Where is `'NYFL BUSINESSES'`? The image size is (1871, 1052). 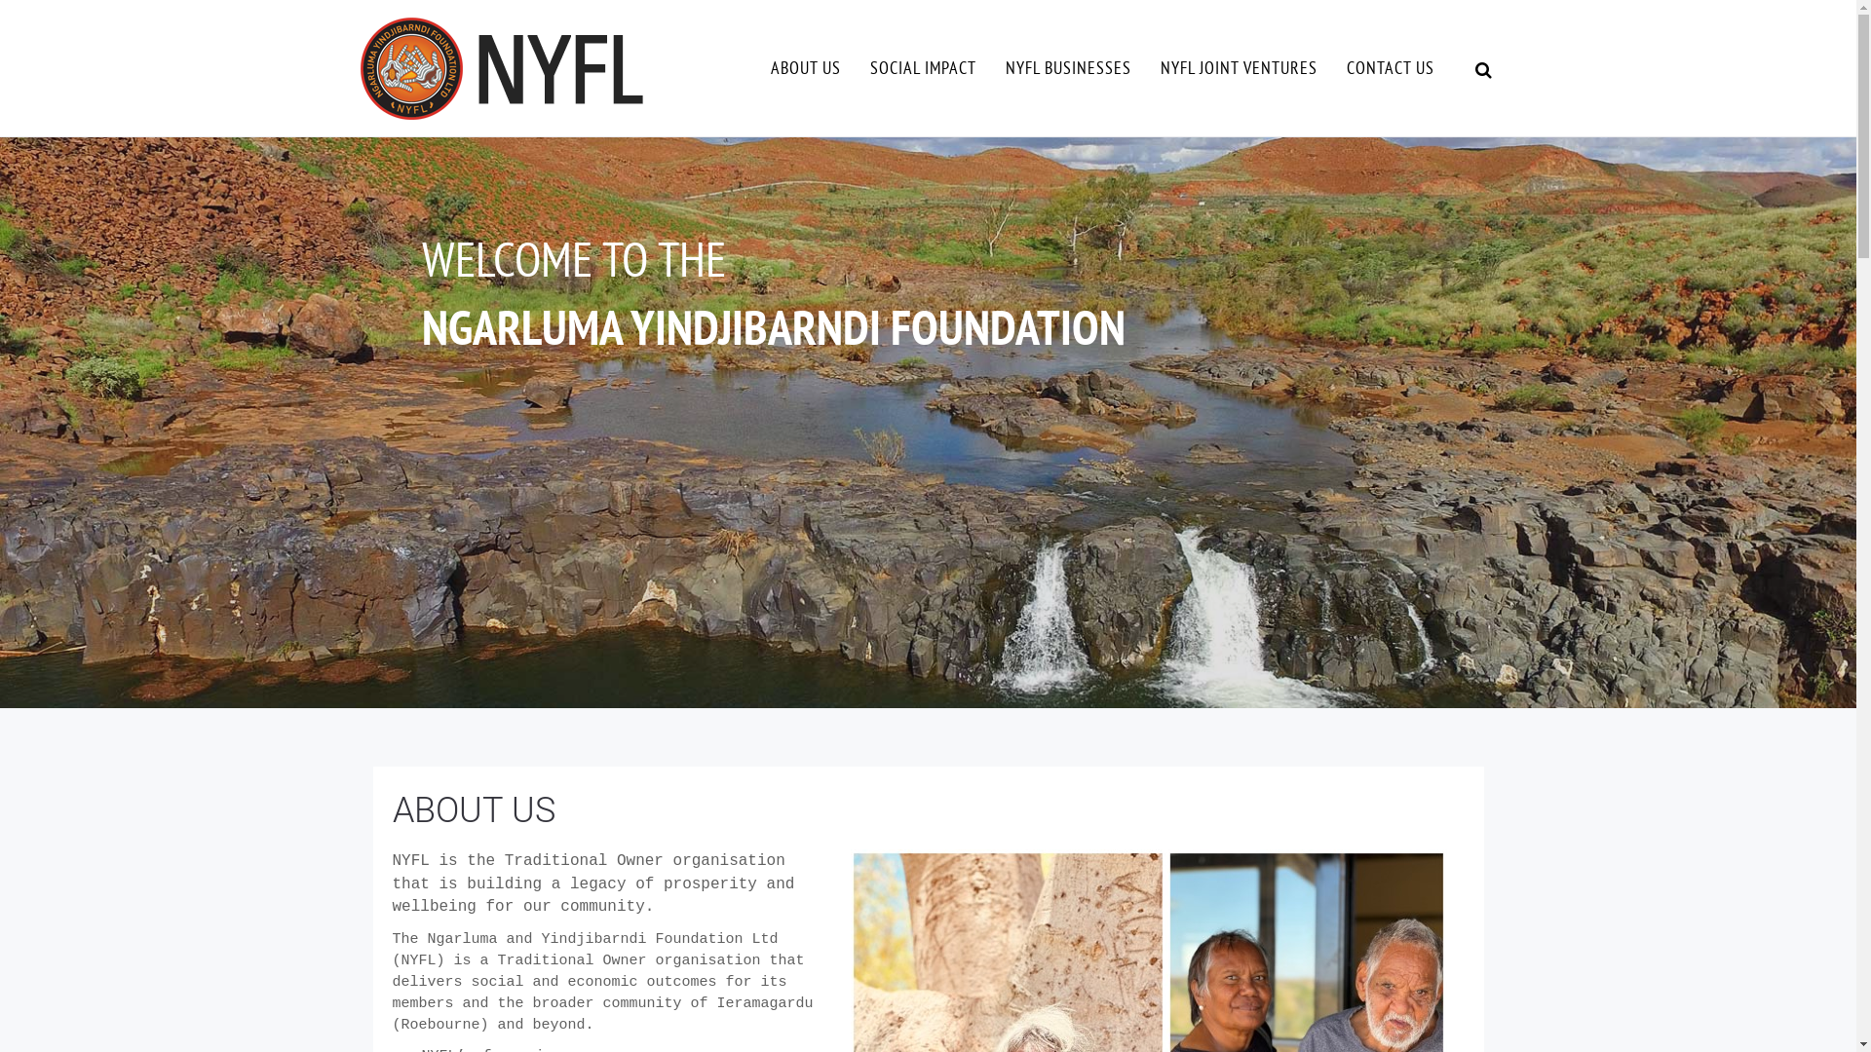
'NYFL BUSINESSES' is located at coordinates (1066, 66).